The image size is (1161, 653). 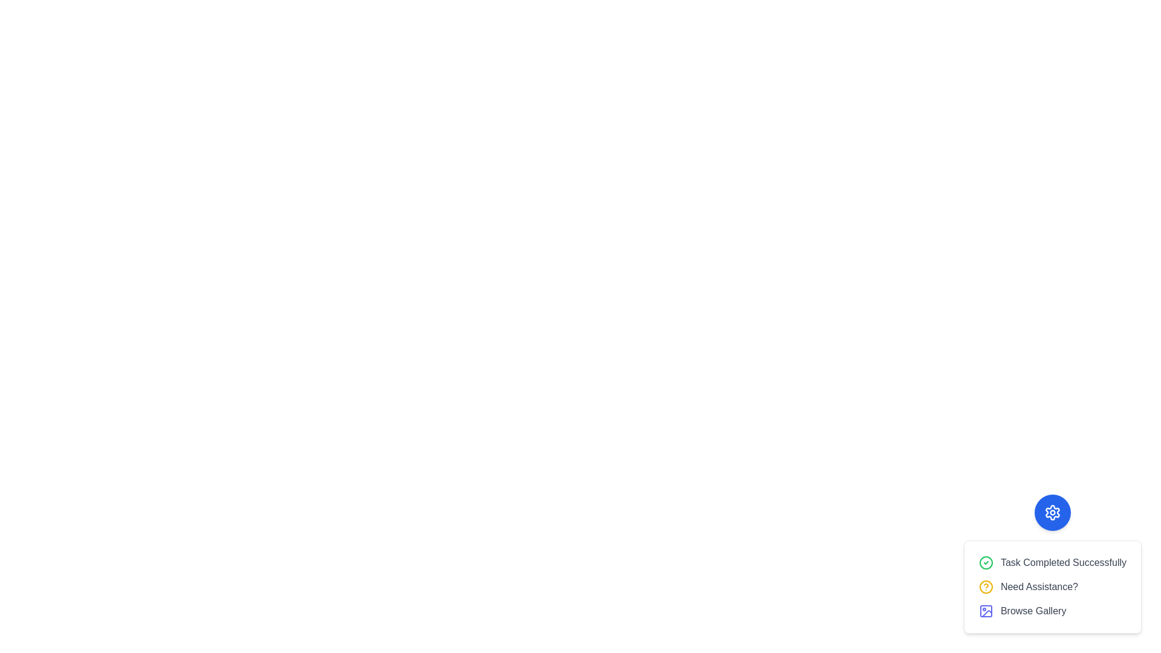 What do you see at coordinates (986, 586) in the screenshot?
I see `the circular icon with a yellow outline and a question mark symbol, located to the left of the text 'Need Assistance?'` at bounding box center [986, 586].